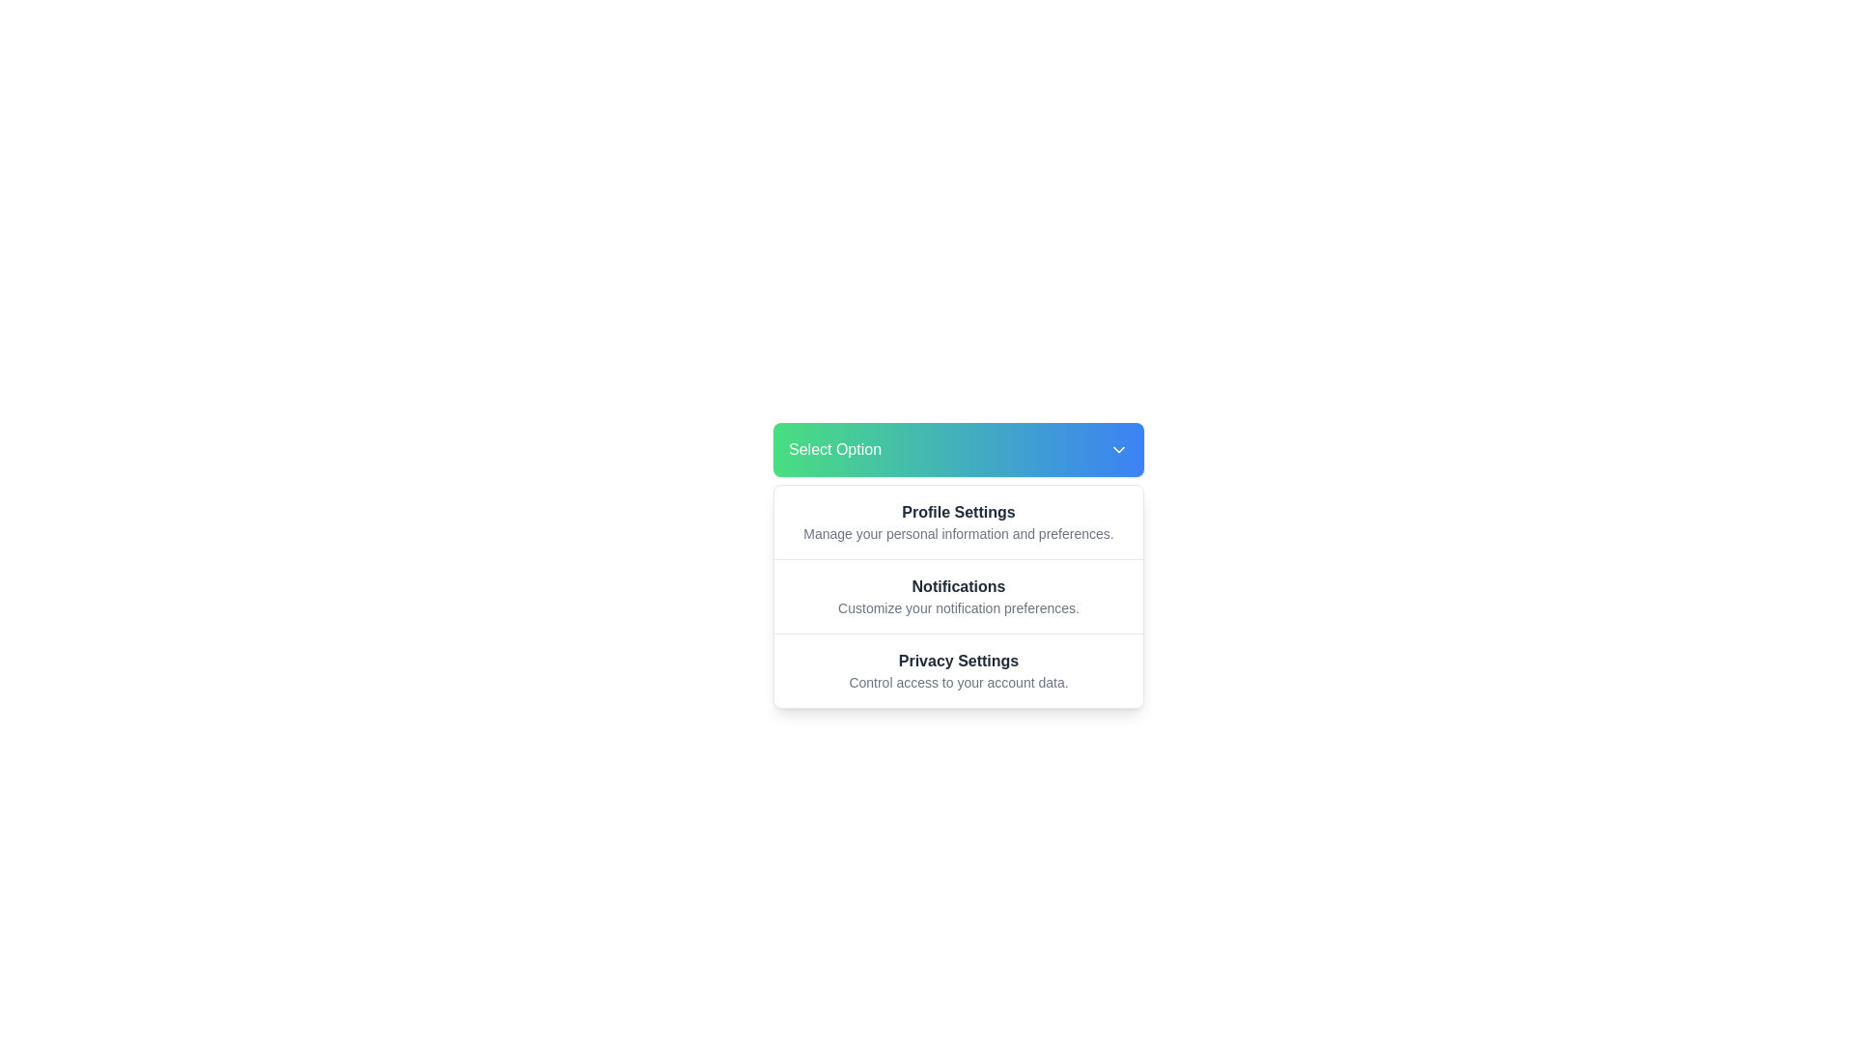 Image resolution: width=1854 pixels, height=1043 pixels. Describe the element at coordinates (959, 450) in the screenshot. I see `the 'Select Option' dropdown trigger button with a gradient background` at that location.